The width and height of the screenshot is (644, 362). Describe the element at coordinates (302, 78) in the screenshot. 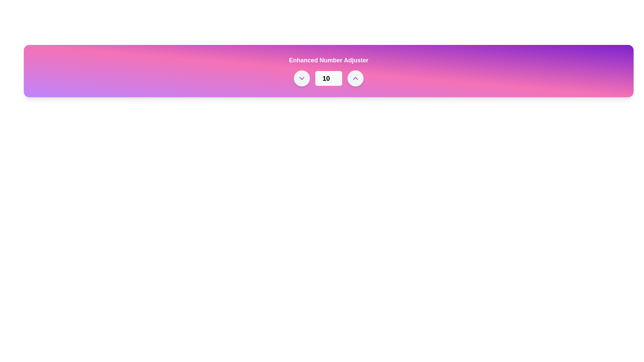

I see `the triangular chevron button that decreases the numeric value in the Enhanced Number Adjuster by` at that location.